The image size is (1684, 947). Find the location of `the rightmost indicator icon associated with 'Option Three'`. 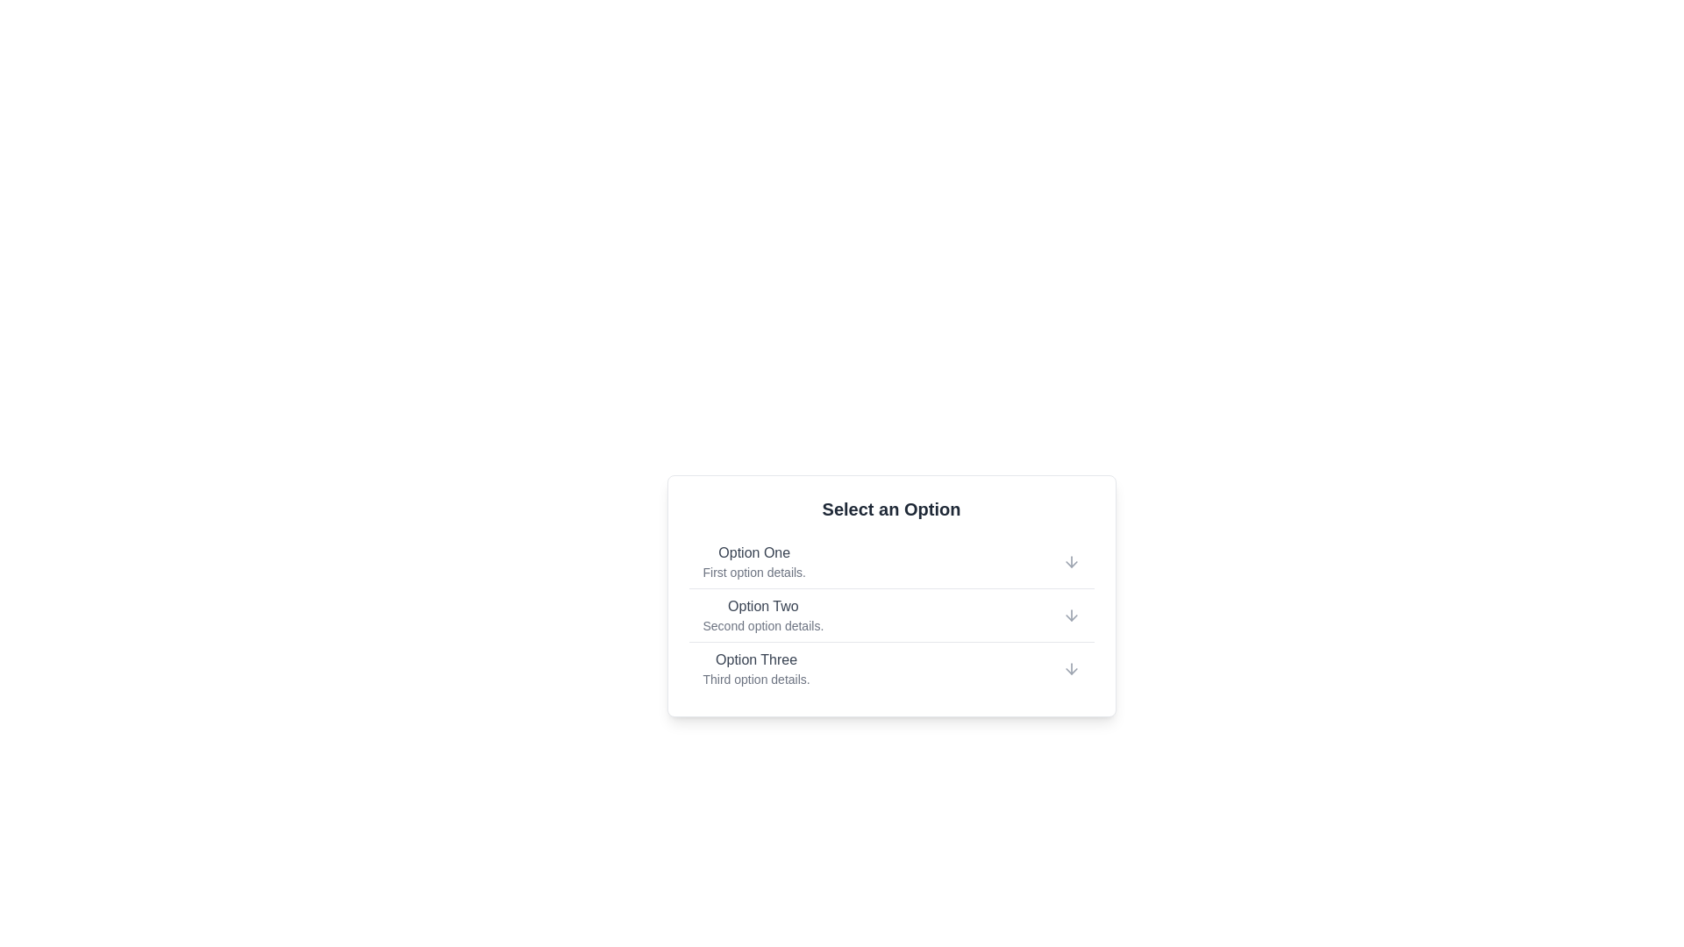

the rightmost indicator icon associated with 'Option Three' is located at coordinates (1070, 669).